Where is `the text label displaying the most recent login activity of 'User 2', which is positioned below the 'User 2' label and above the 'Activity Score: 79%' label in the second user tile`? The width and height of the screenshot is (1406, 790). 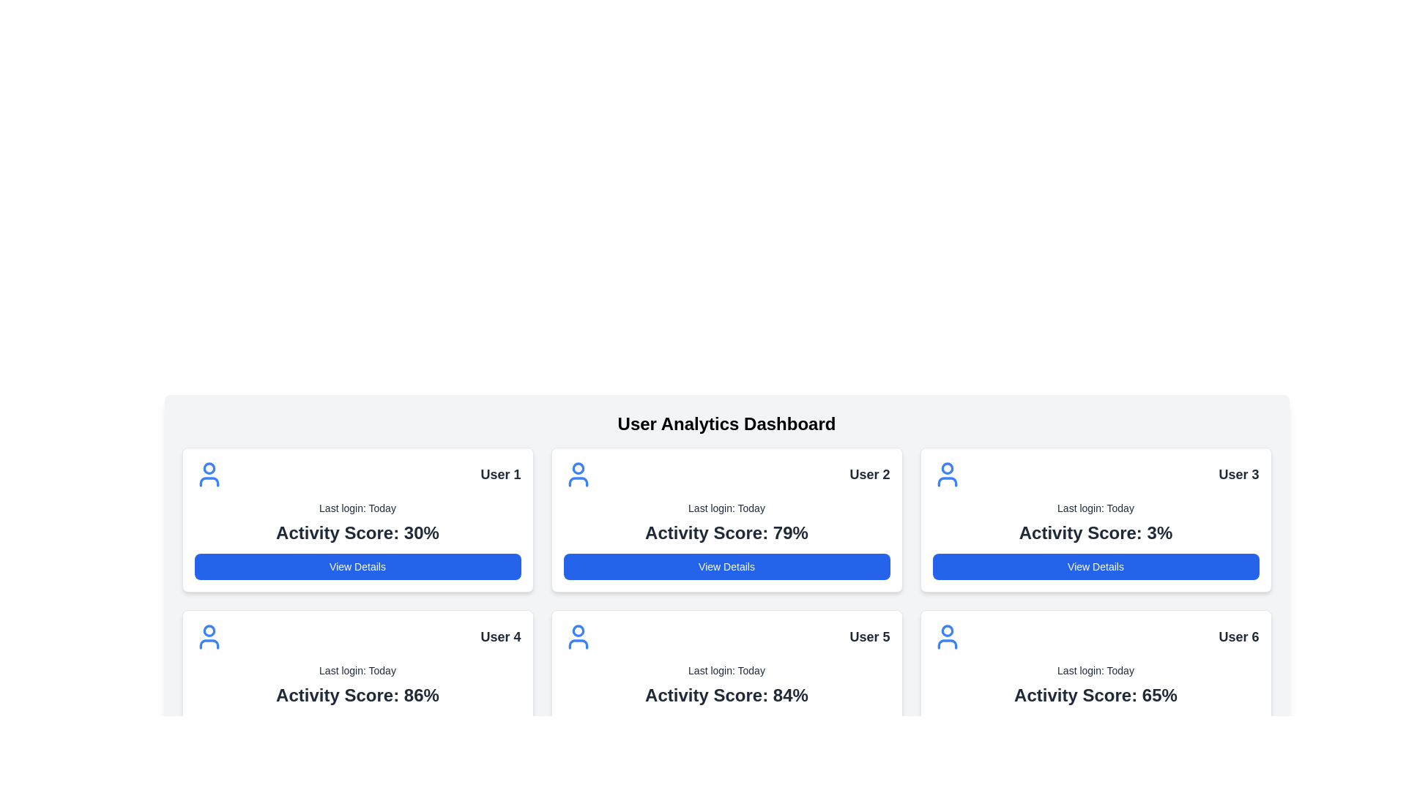
the text label displaying the most recent login activity of 'User 2', which is positioned below the 'User 2' label and above the 'Activity Score: 79%' label in the second user tile is located at coordinates (726, 507).